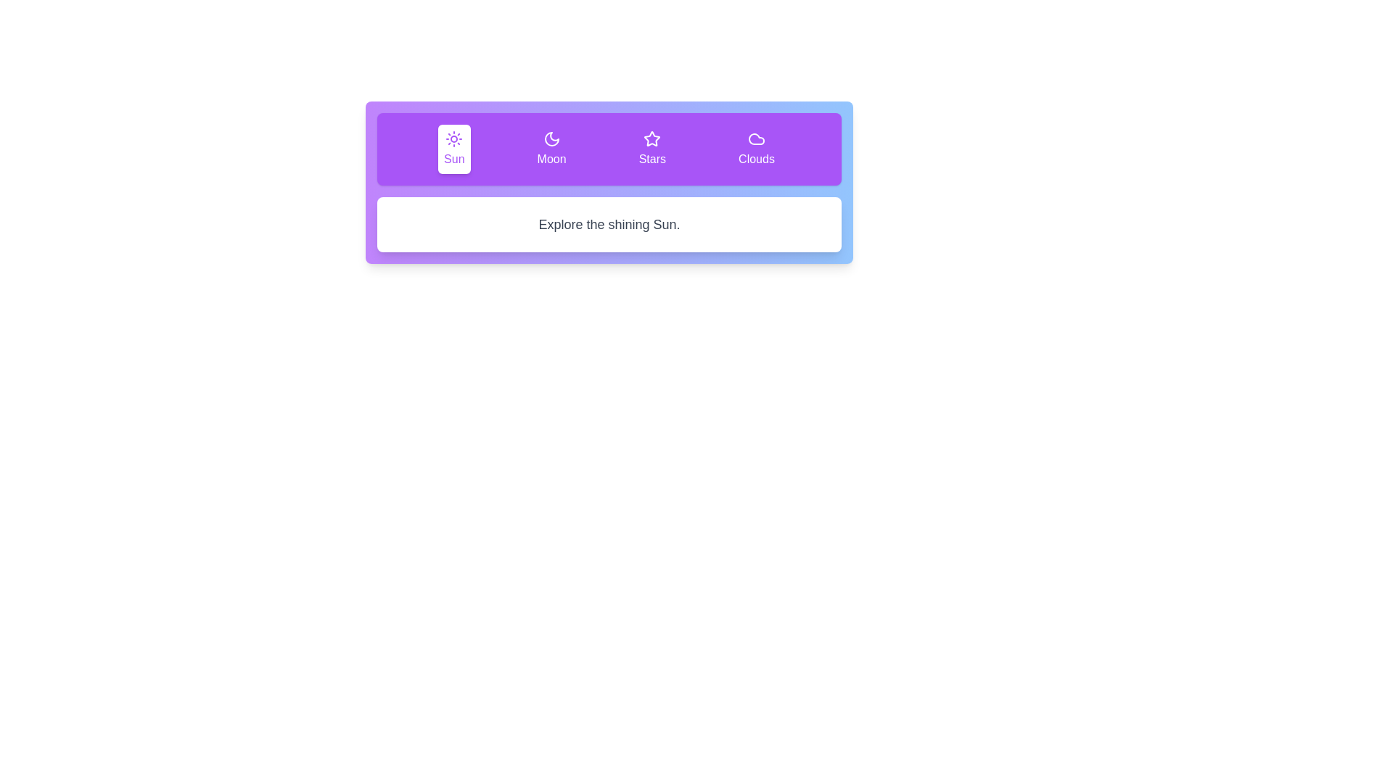 Image resolution: width=1393 pixels, height=783 pixels. What do you see at coordinates (652, 149) in the screenshot?
I see `the 'Stars' button, which features a star icon above the label 'Stars' on a purple background` at bounding box center [652, 149].